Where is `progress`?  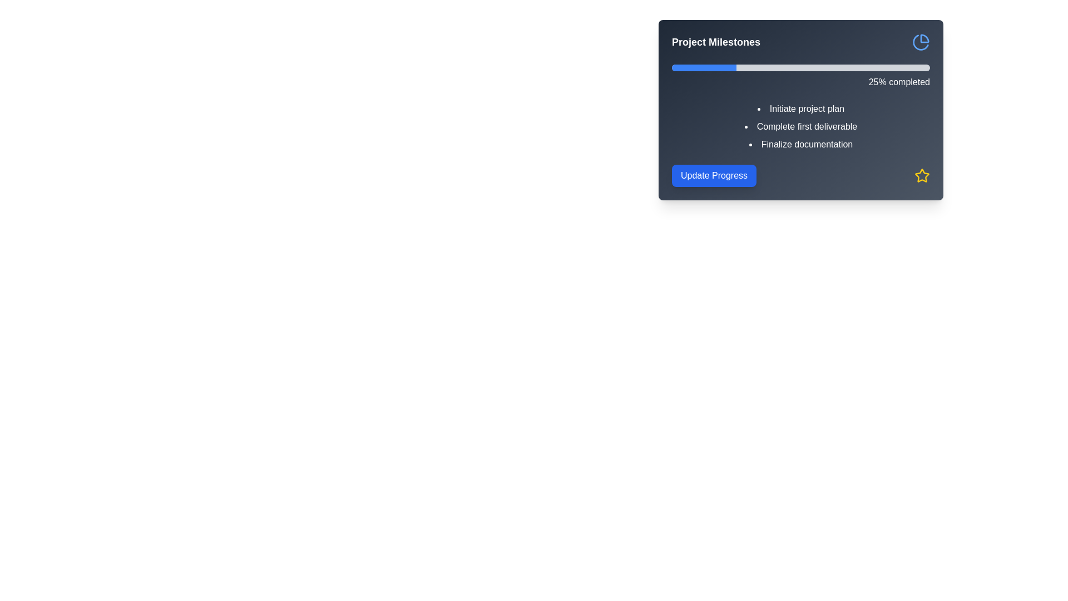
progress is located at coordinates (672, 68).